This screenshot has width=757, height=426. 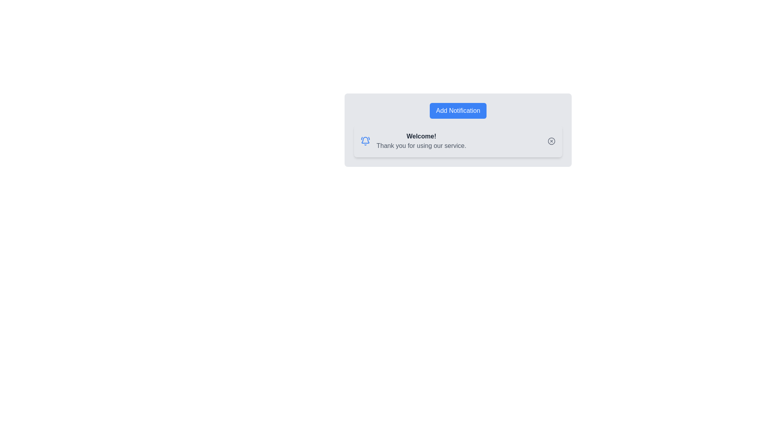 What do you see at coordinates (365, 140) in the screenshot?
I see `the notification icon (SVG) that serves as a visual cue for alerts, centrally located within the notification panel` at bounding box center [365, 140].